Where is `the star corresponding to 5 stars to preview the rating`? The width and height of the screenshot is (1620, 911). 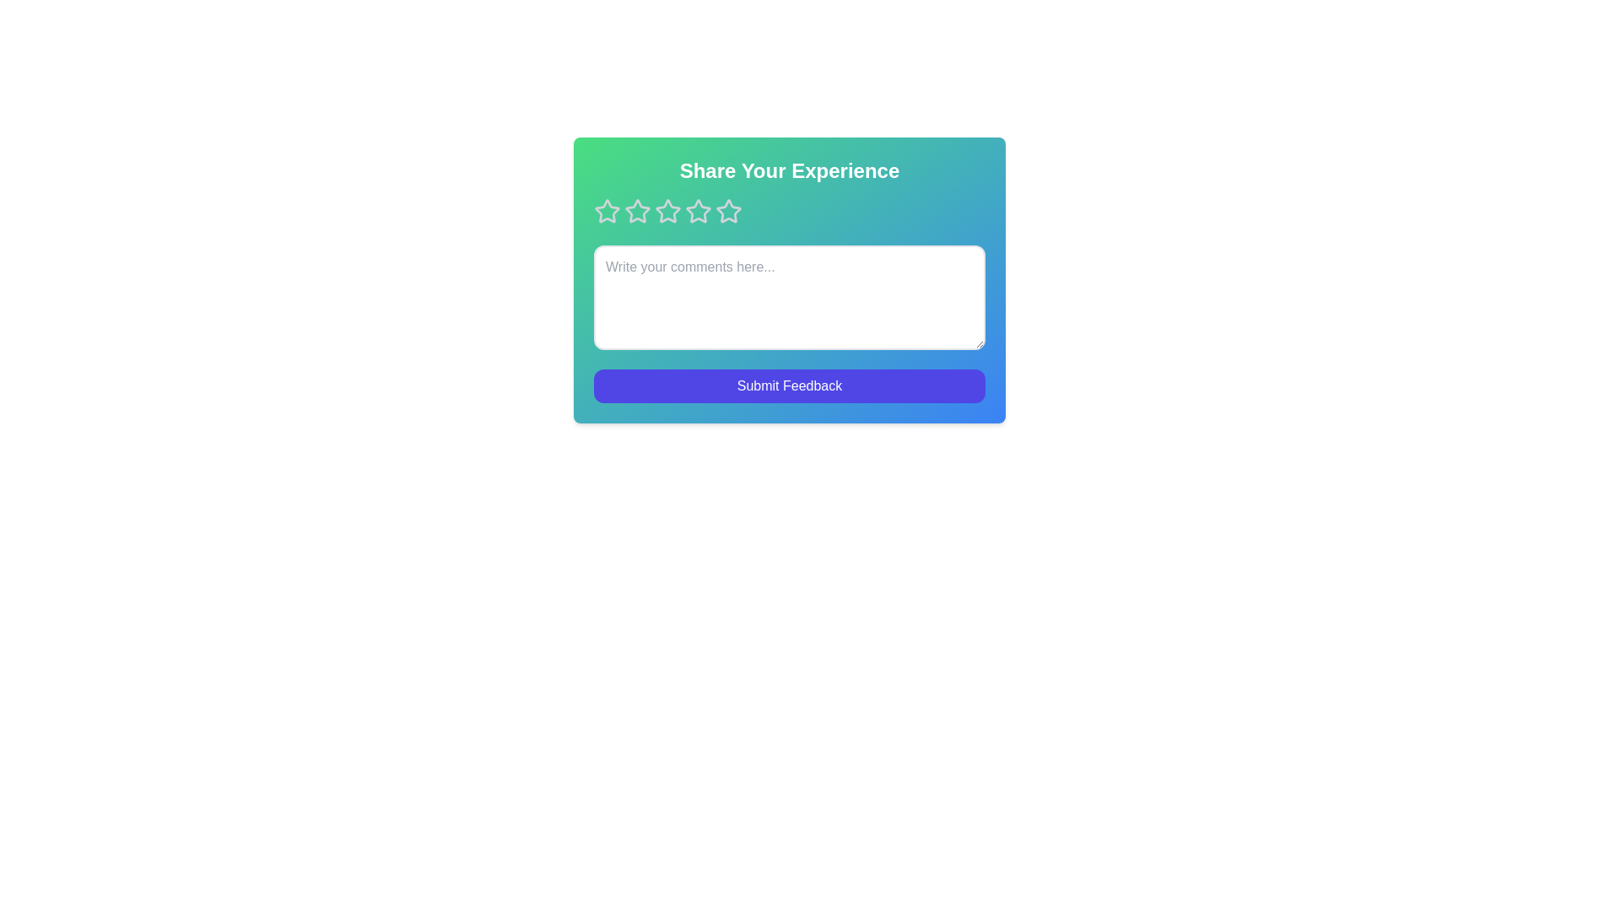
the star corresponding to 5 stars to preview the rating is located at coordinates (729, 210).